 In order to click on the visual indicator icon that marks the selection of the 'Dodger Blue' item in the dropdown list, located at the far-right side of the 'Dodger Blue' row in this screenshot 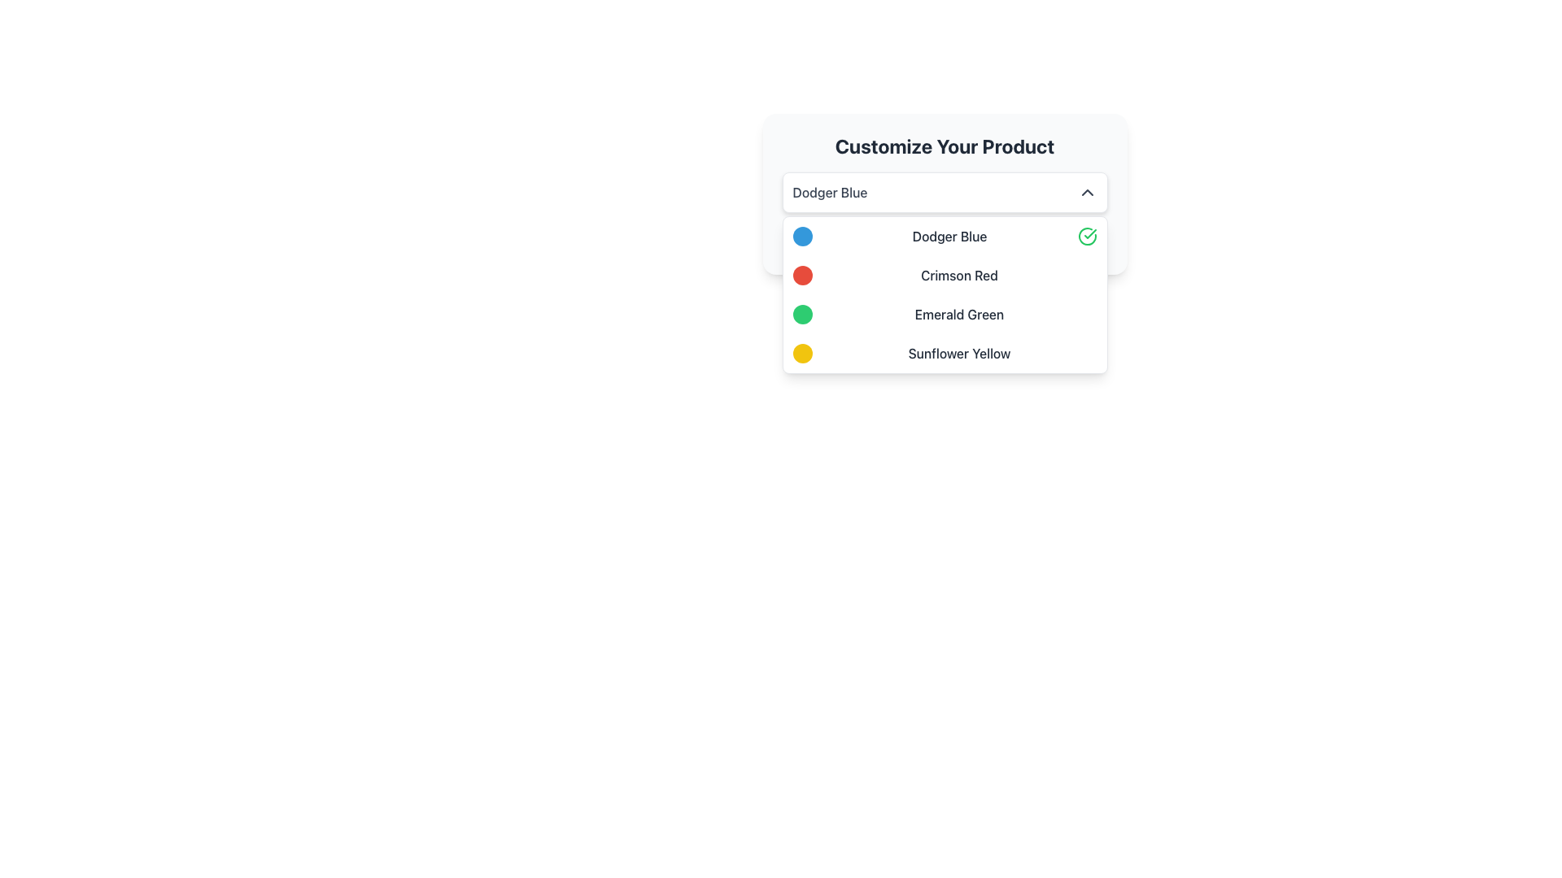, I will do `click(1087, 236)`.